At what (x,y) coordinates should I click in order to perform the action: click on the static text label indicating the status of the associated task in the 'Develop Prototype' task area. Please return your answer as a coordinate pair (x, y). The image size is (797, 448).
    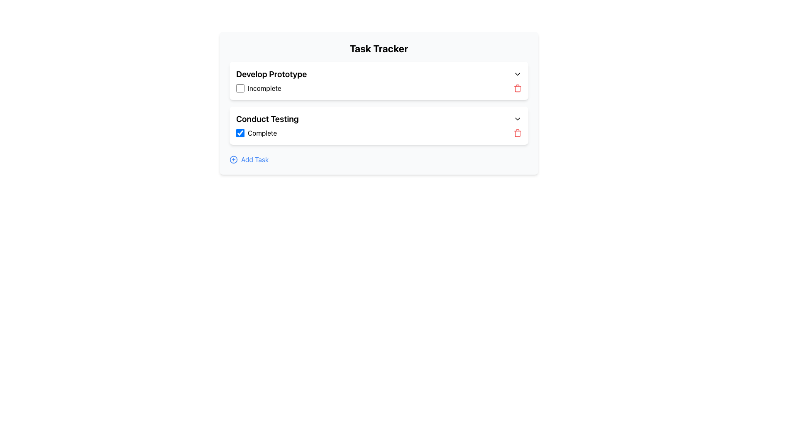
    Looking at the image, I should click on (264, 88).